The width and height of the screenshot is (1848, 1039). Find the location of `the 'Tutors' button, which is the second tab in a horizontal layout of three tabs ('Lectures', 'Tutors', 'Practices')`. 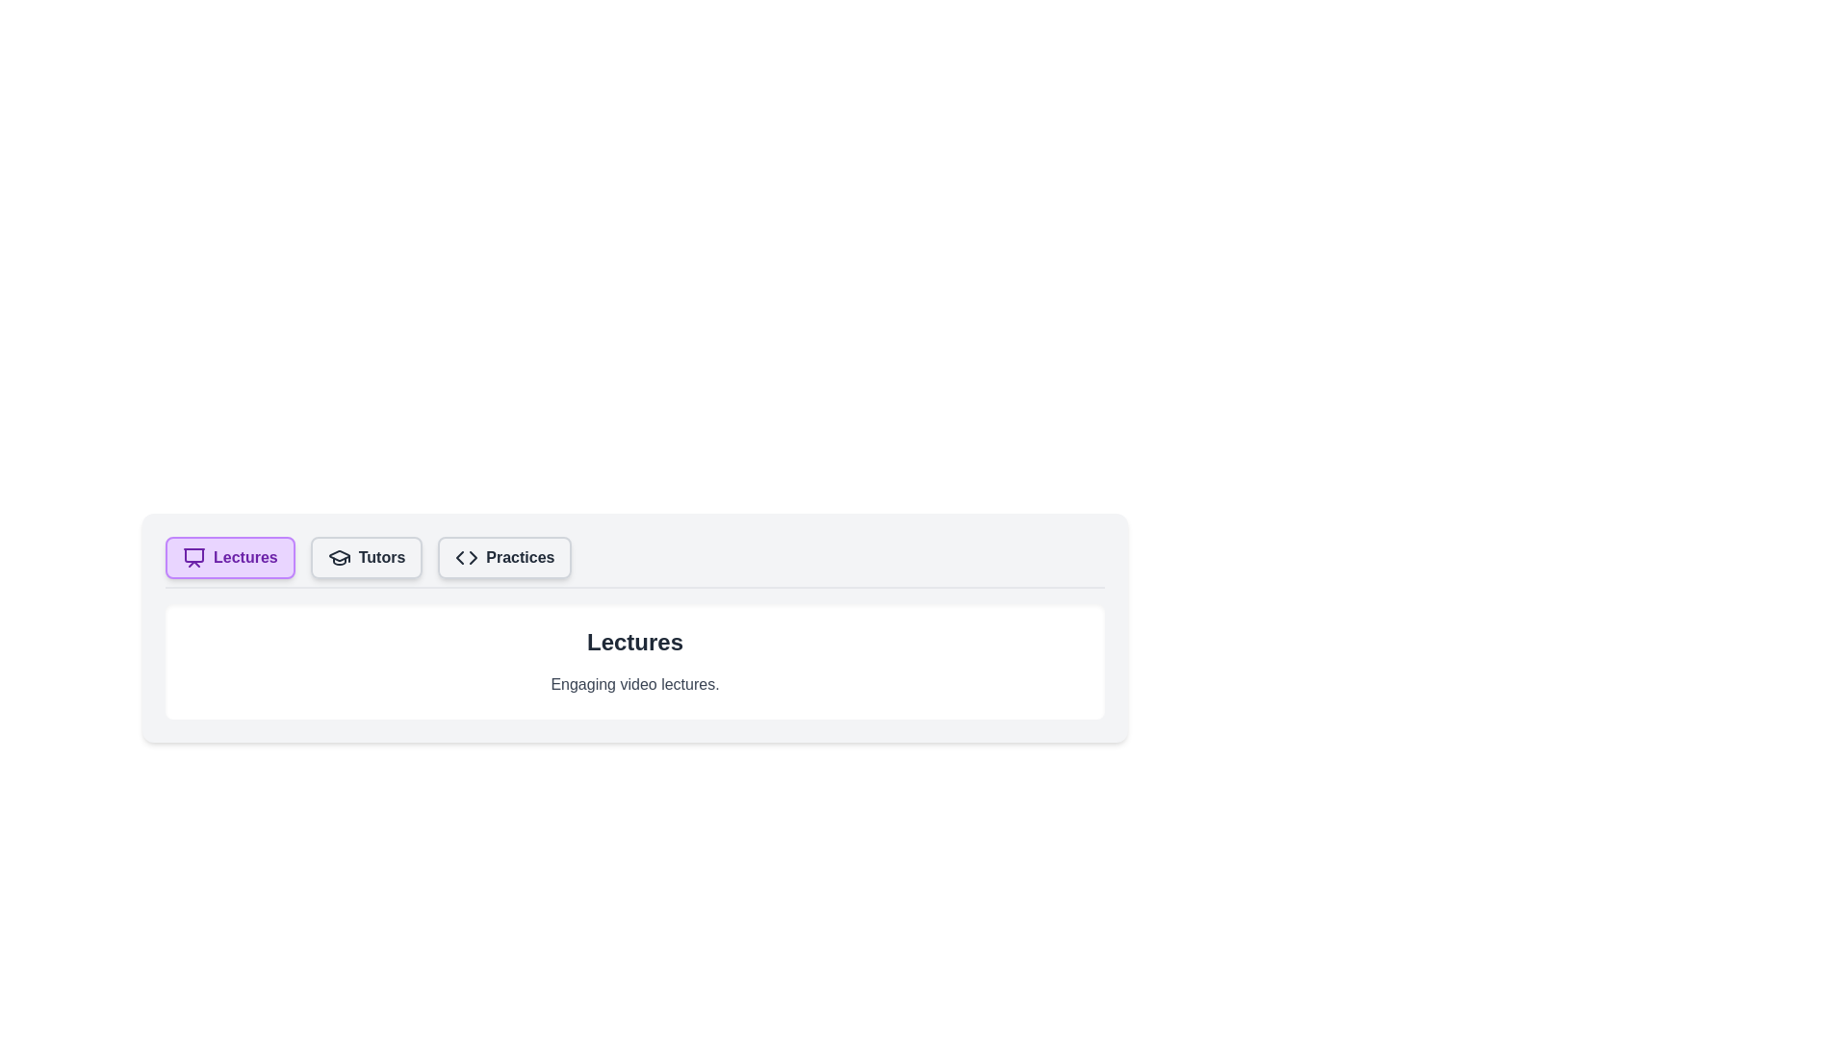

the 'Tutors' button, which is the second tab in a horizontal layout of three tabs ('Lectures', 'Tutors', 'Practices') is located at coordinates (366, 557).